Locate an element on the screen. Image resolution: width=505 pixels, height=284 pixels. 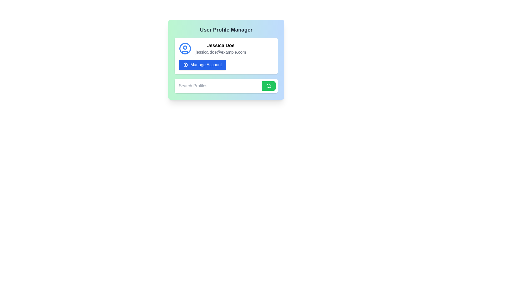
primary circle element of the cog-shaped SVG icon representing settings functionality under the 'User Profile Manager' title is located at coordinates (185, 64).